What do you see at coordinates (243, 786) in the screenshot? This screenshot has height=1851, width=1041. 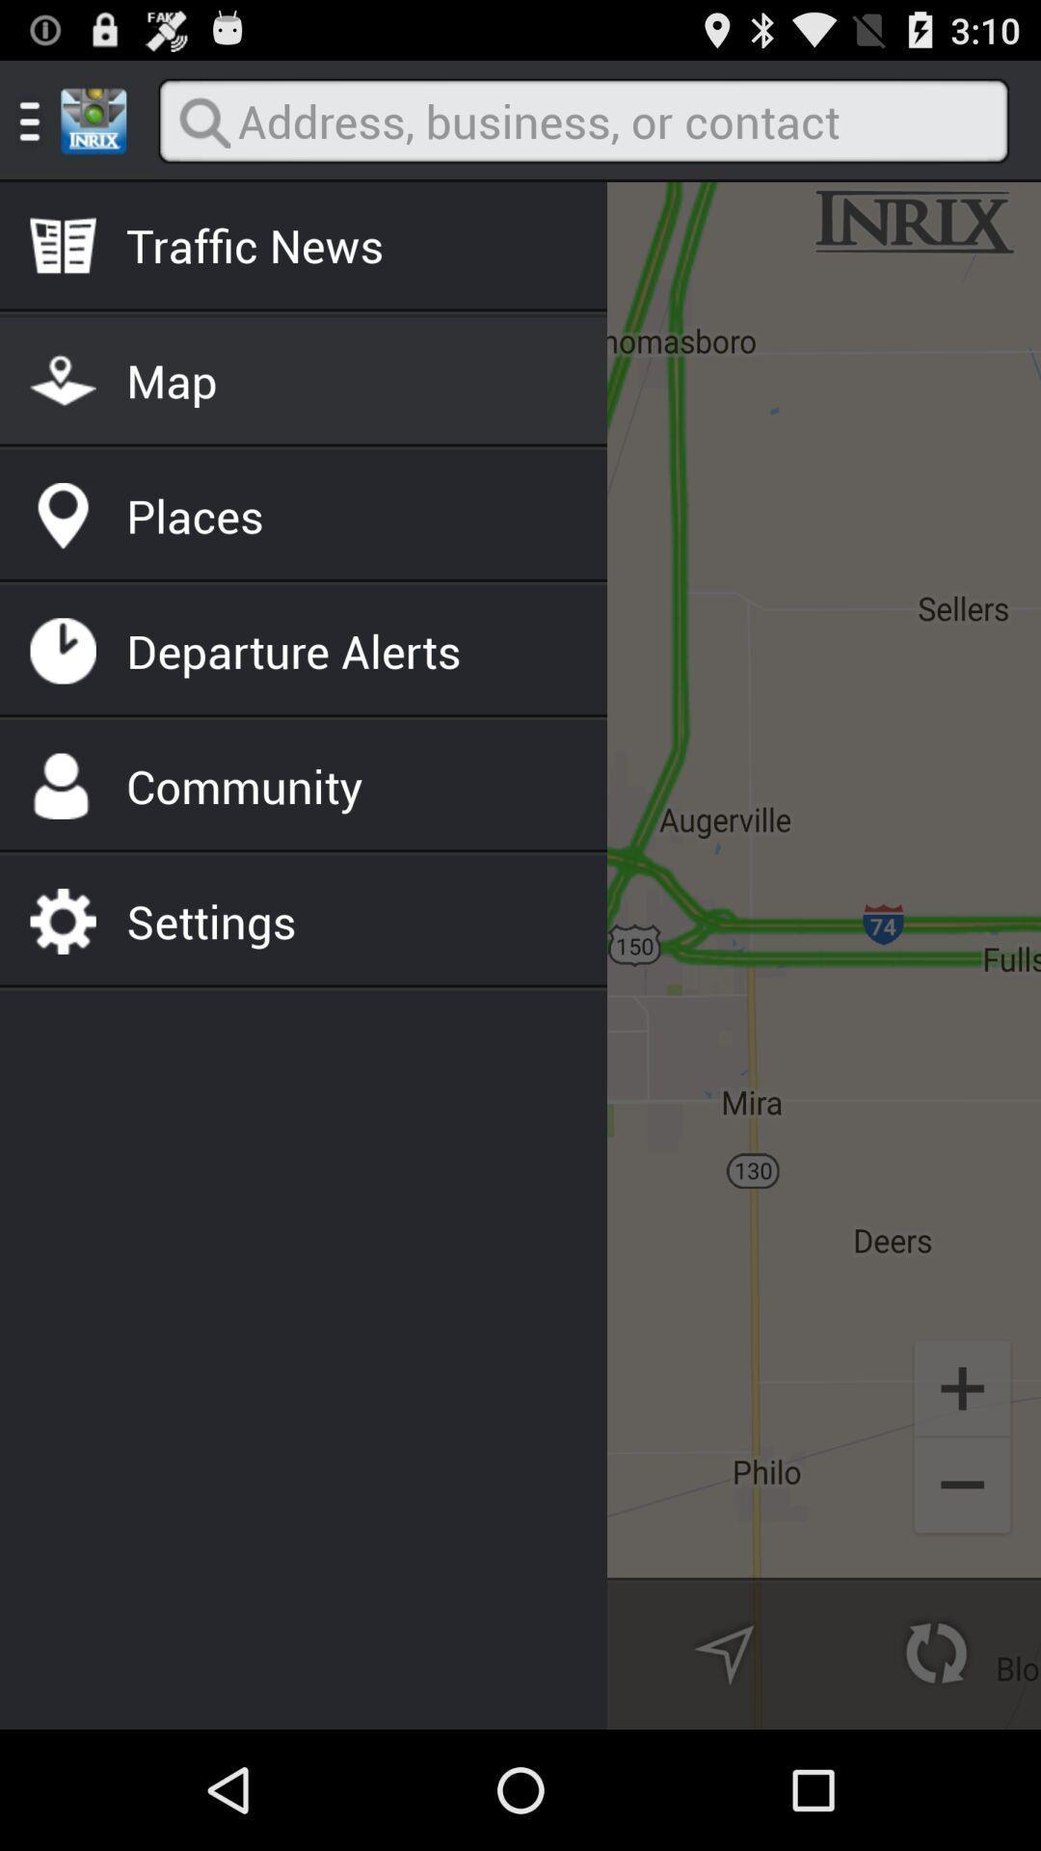 I see `community` at bounding box center [243, 786].